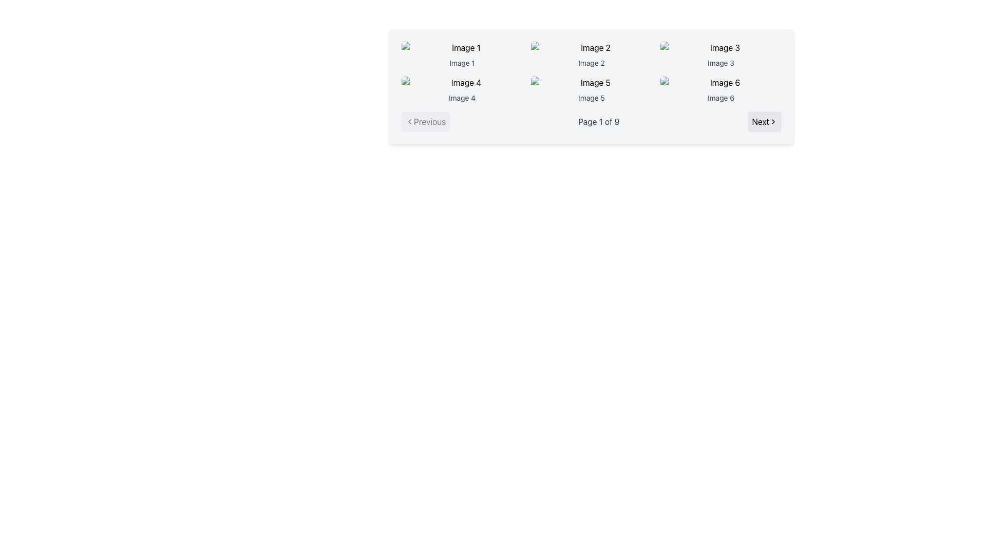 The image size is (986, 555). What do you see at coordinates (720, 55) in the screenshot?
I see `to select the 'Image 3' item in the grid layout, which is represented by an image and label, located in the first row and third position` at bounding box center [720, 55].